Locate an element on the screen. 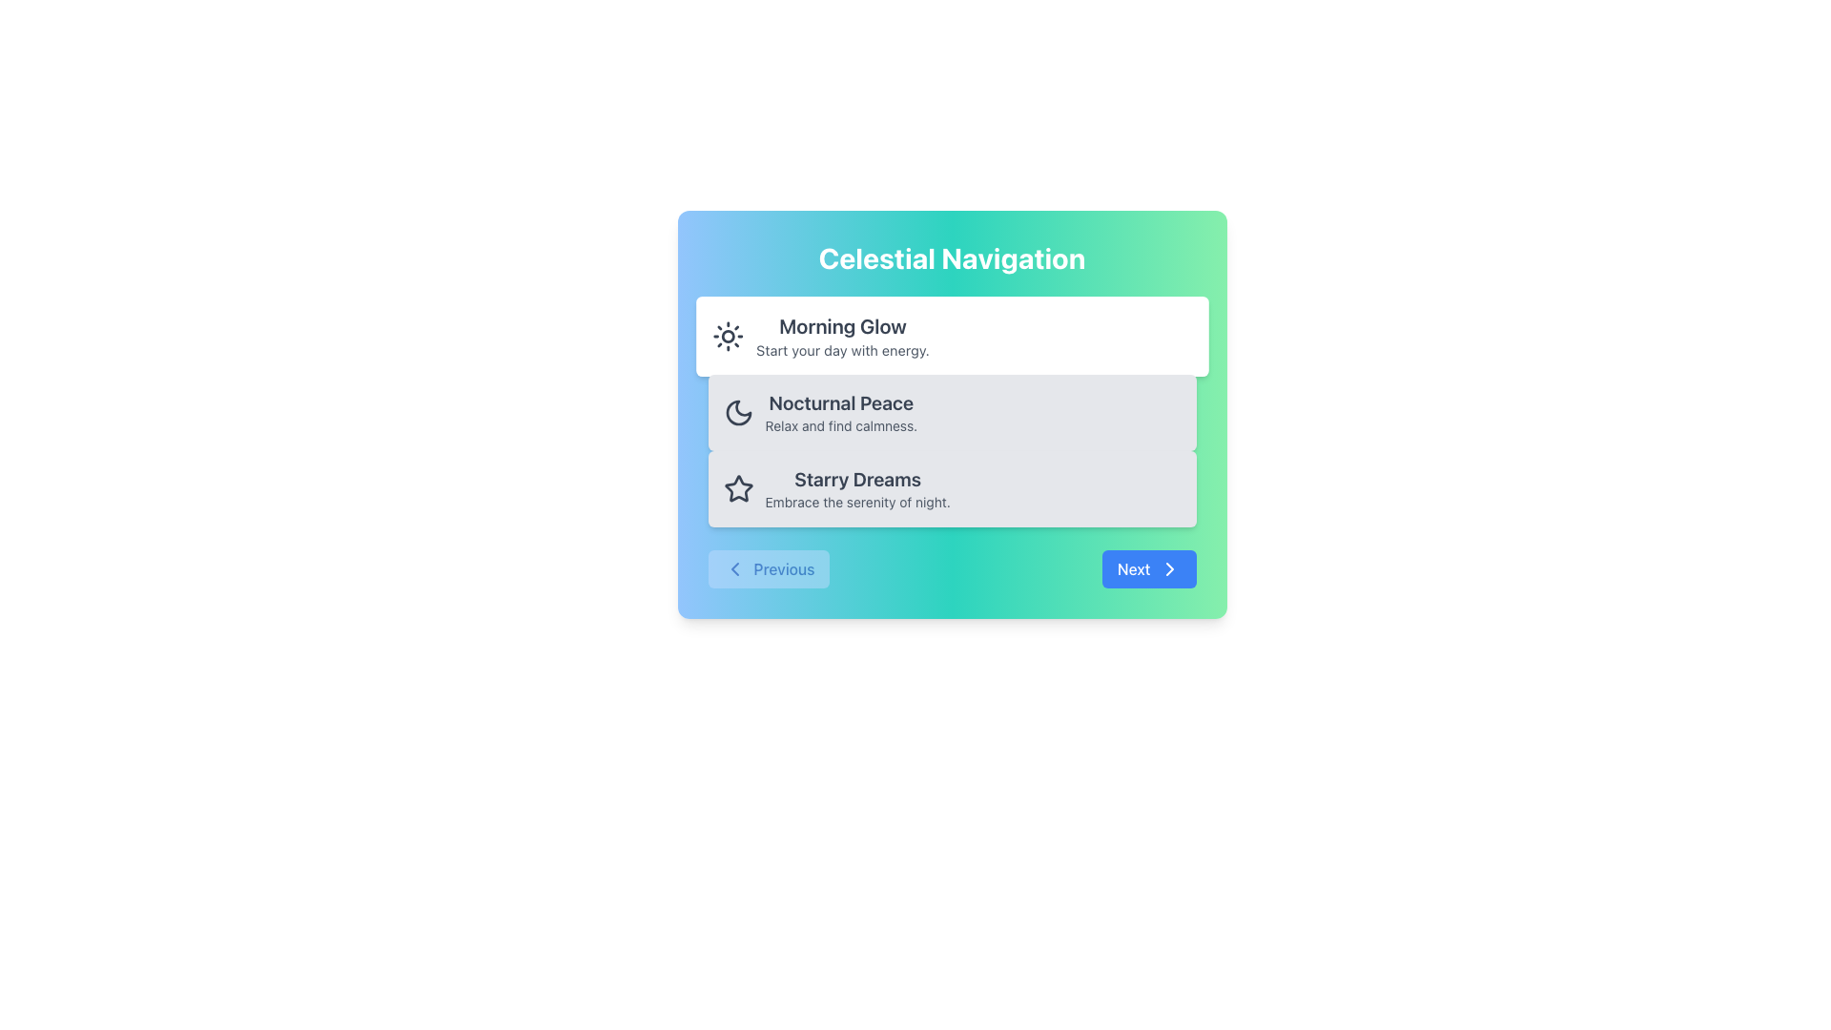  the left-pointing arrow icon within the 'Previous' button is located at coordinates (733, 568).